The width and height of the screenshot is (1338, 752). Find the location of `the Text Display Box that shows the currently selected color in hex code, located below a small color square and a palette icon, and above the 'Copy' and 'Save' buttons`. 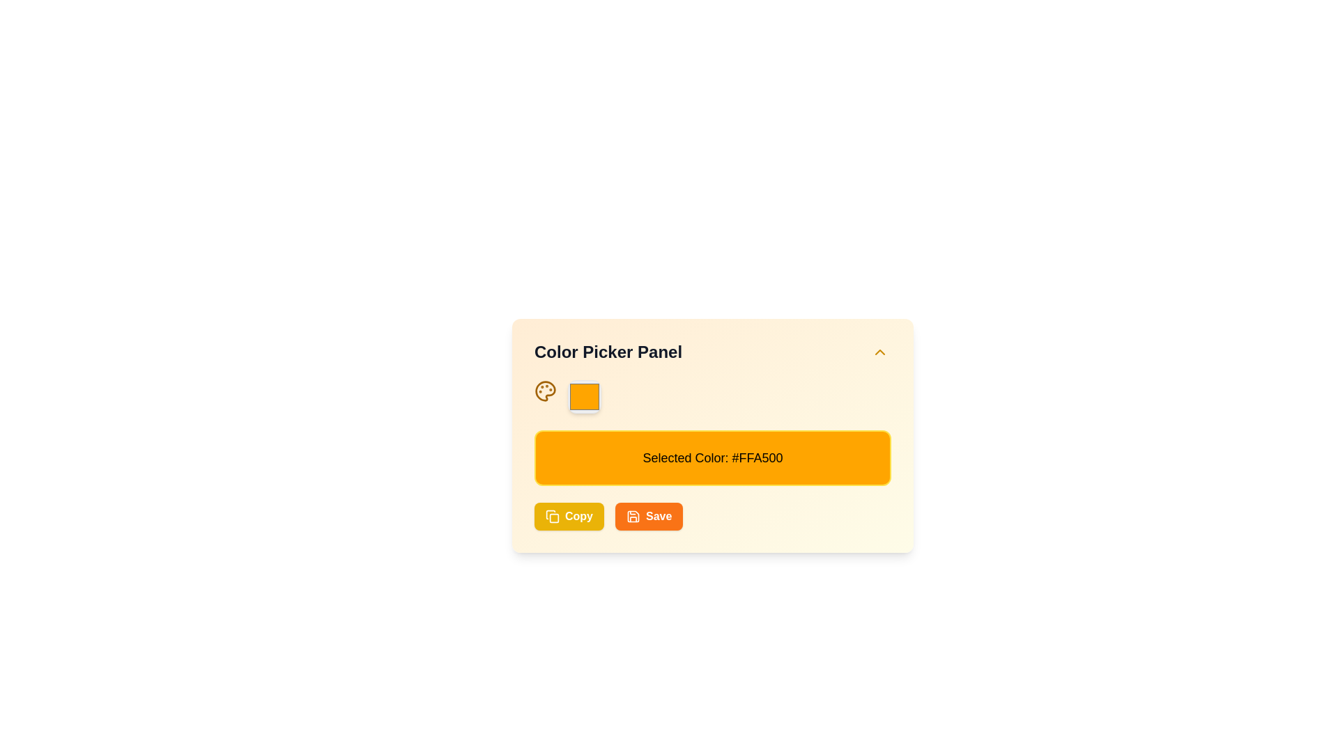

the Text Display Box that shows the currently selected color in hex code, located below a small color square and a palette icon, and above the 'Copy' and 'Save' buttons is located at coordinates (712, 458).